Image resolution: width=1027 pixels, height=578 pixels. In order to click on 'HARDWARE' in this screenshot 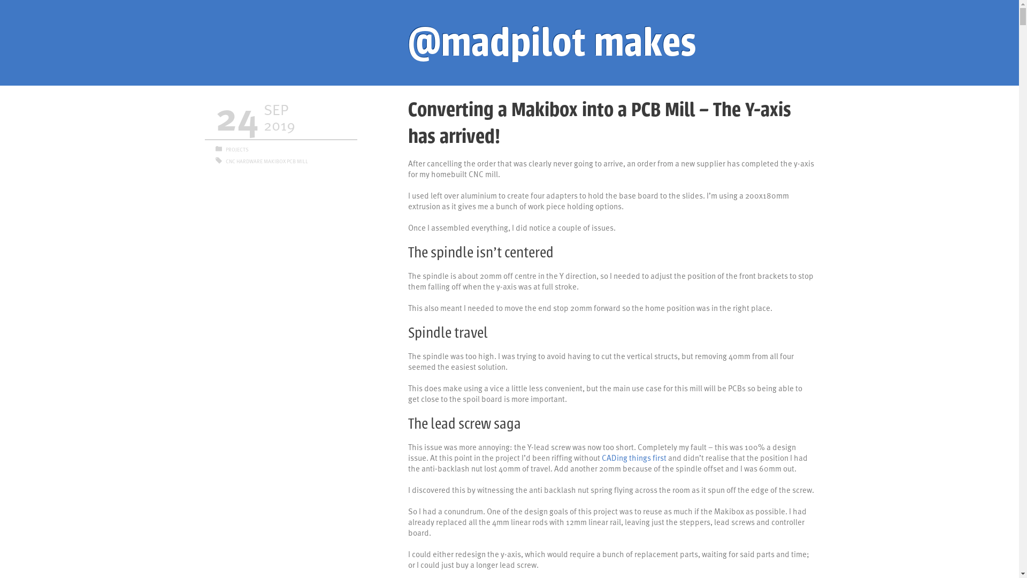, I will do `click(235, 161)`.